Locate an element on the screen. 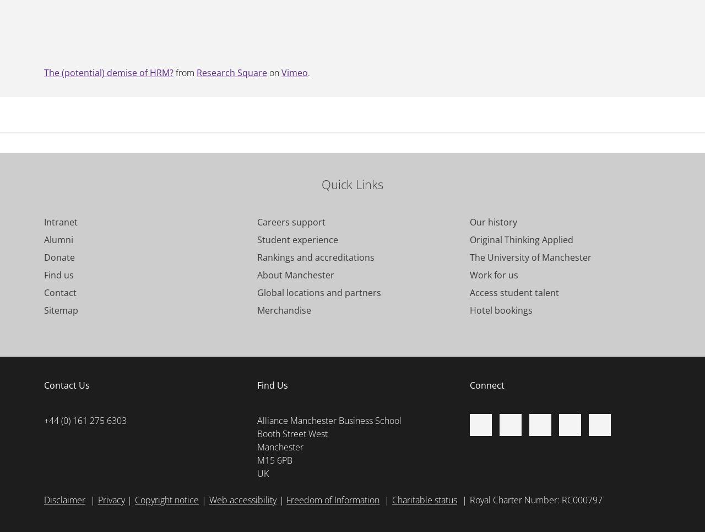 The height and width of the screenshot is (532, 705). 'Web accessibility' is located at coordinates (209, 499).